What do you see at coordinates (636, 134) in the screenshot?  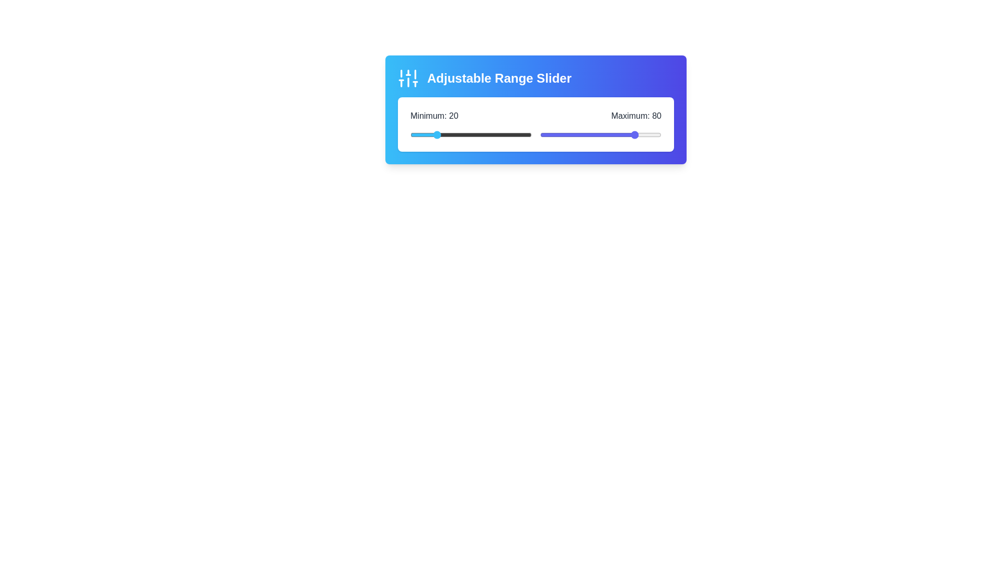 I see `the slider` at bounding box center [636, 134].